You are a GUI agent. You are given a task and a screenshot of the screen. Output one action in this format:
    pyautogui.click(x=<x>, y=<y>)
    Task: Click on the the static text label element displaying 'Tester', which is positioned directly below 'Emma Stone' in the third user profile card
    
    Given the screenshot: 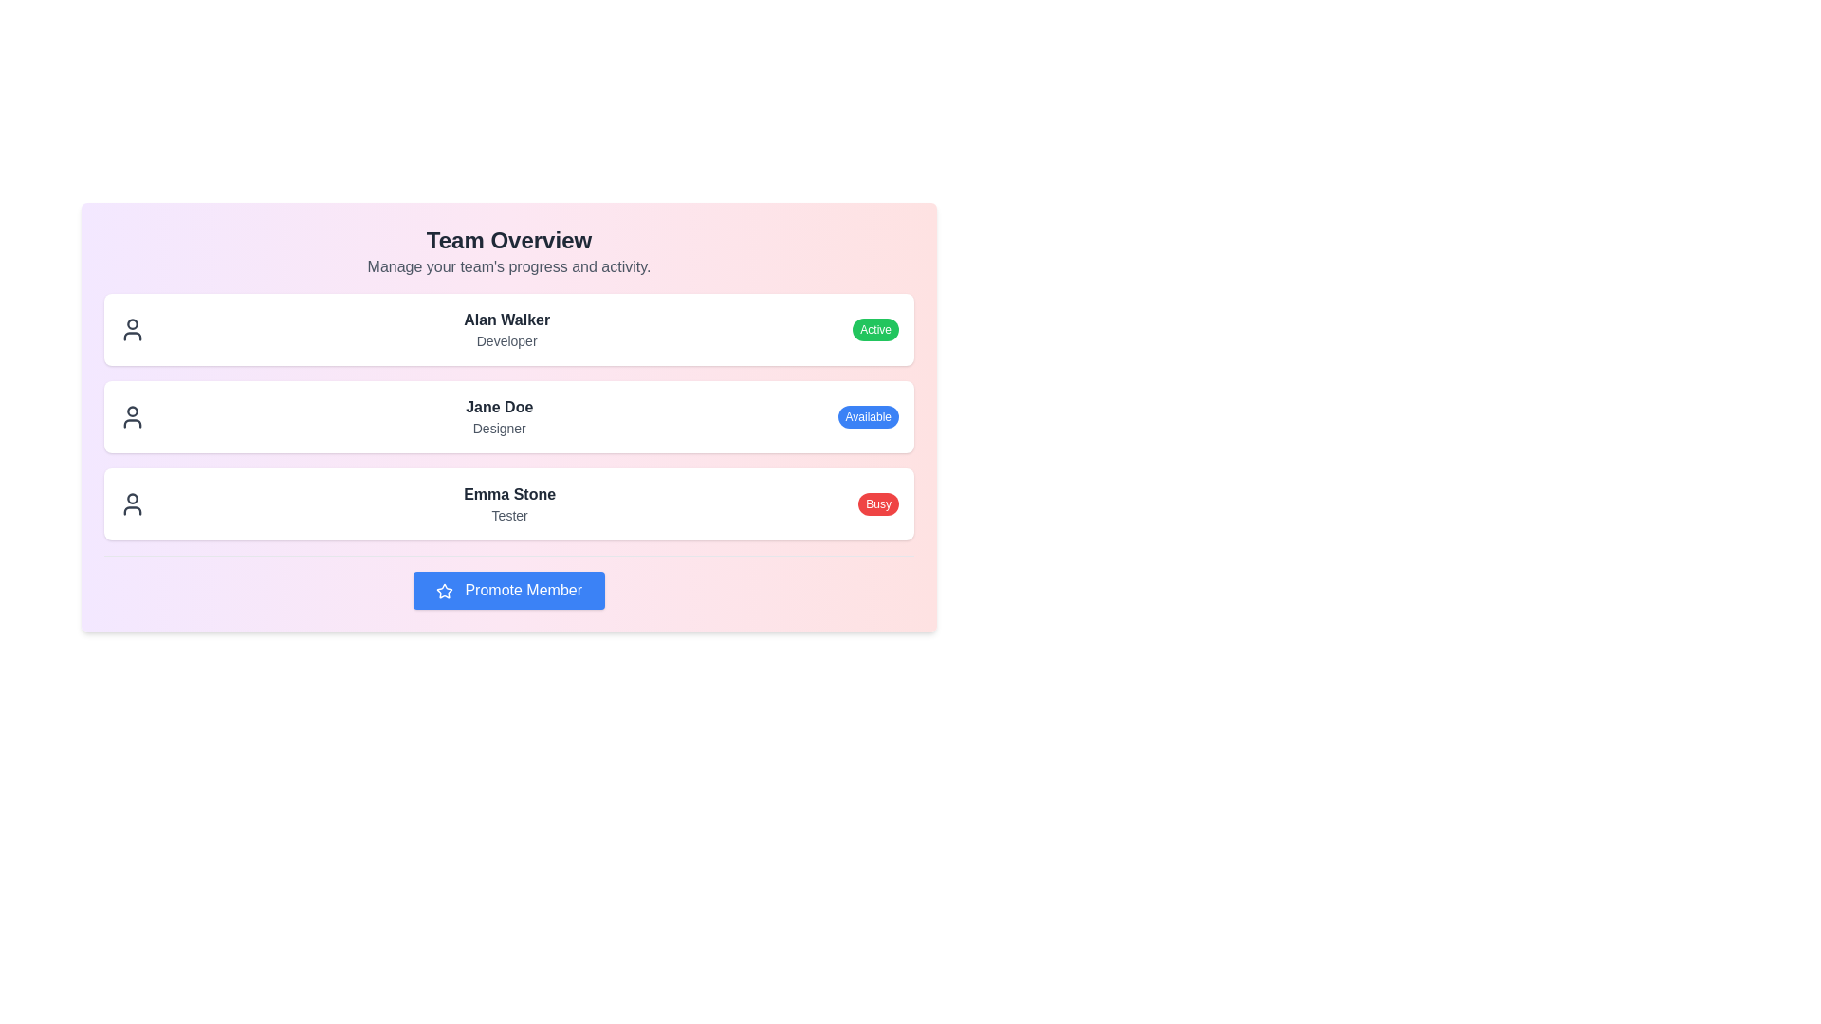 What is the action you would take?
    pyautogui.click(x=509, y=515)
    